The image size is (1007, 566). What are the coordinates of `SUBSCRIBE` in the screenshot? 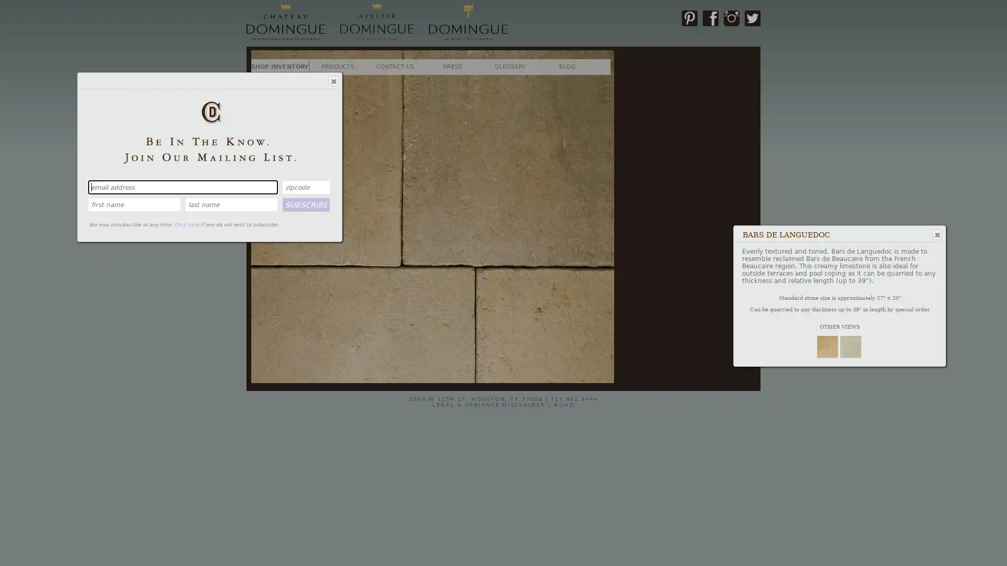 It's located at (306, 204).